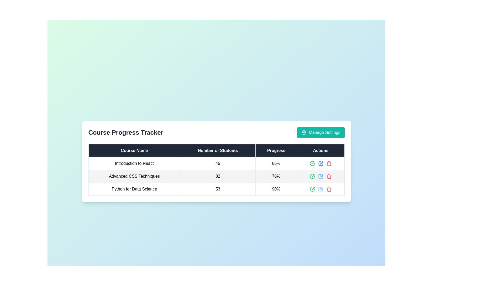 The height and width of the screenshot is (283, 504). I want to click on the static text element that displays the completion progress percentage of the 'Introduction to React' course, located in the 'Progress' column of the 'Course Progress Tracker' table, so click(276, 163).